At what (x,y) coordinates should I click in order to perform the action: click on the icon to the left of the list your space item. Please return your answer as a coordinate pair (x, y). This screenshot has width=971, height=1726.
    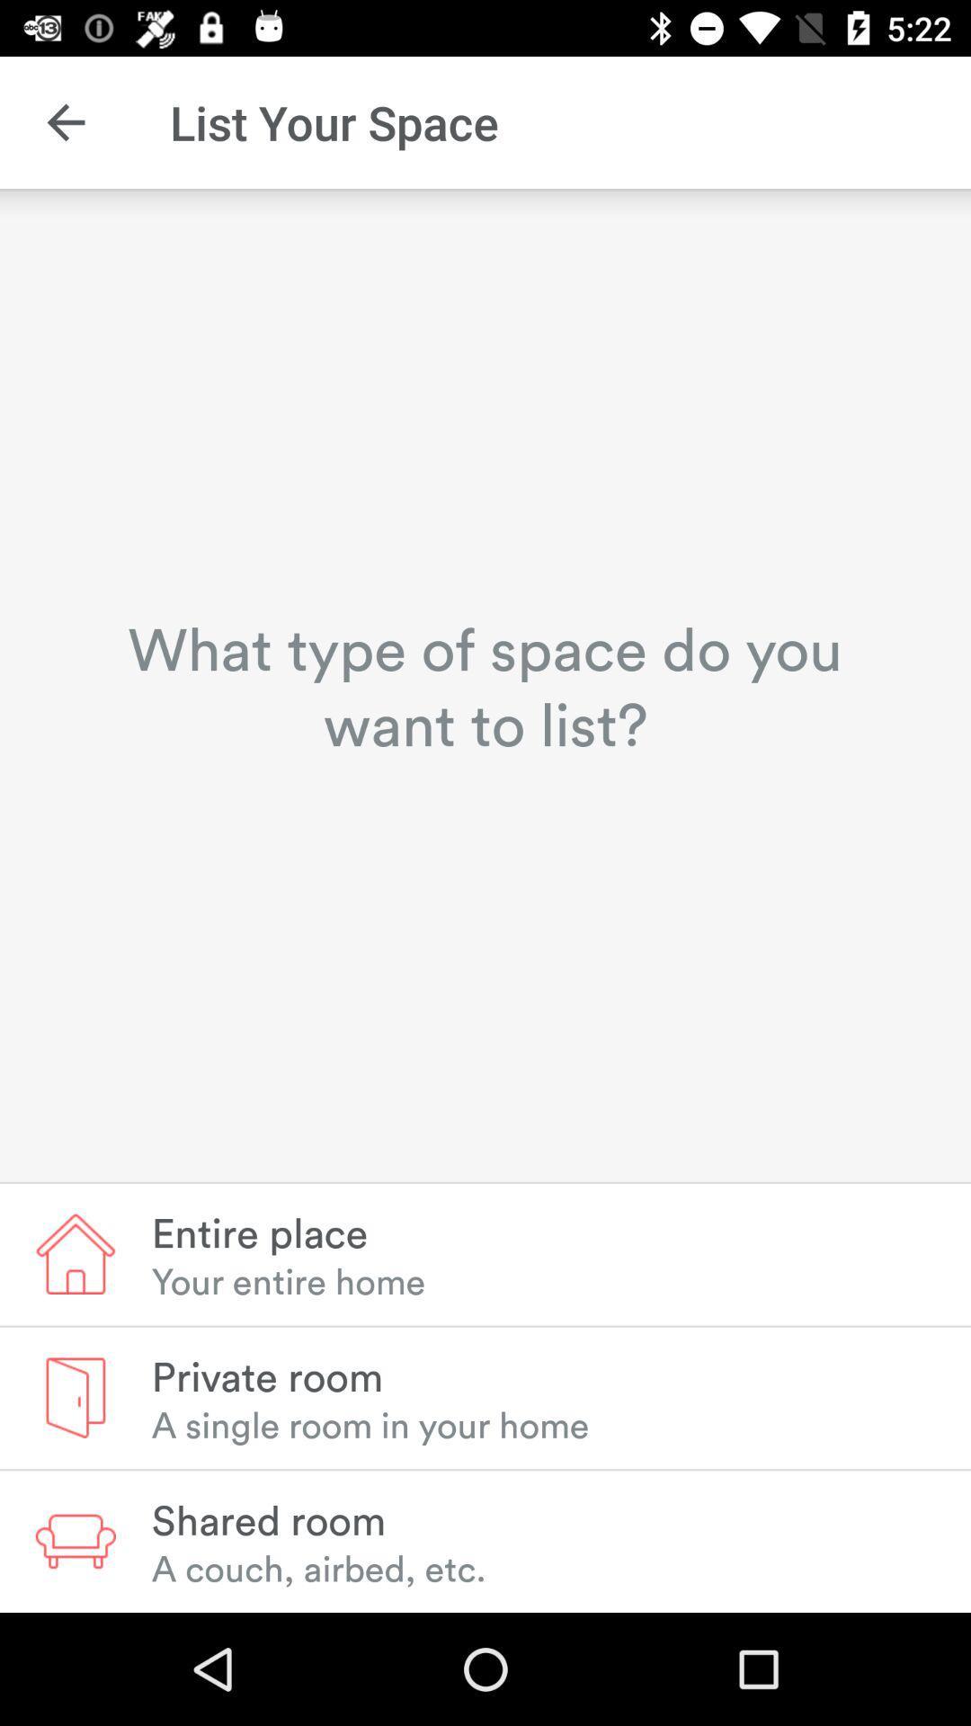
    Looking at the image, I should click on (65, 121).